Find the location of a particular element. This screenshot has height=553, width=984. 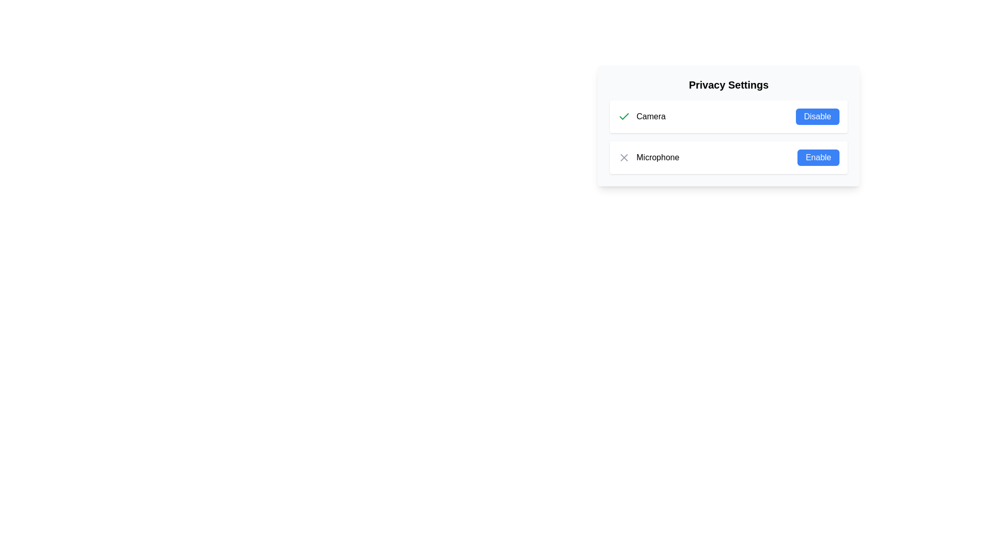

the 'Disable' button with a blue background and white text located in the top right area of the 'Privacy Settings' panel is located at coordinates (816, 116).